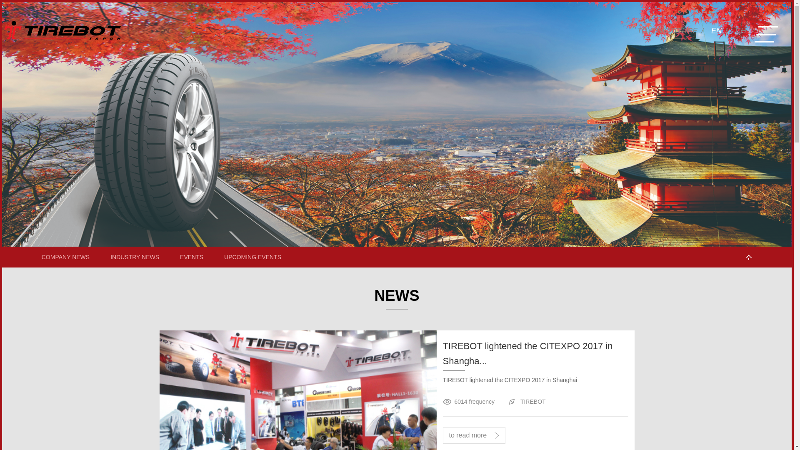  Describe the element at coordinates (716, 30) in the screenshot. I see `'EN'` at that location.